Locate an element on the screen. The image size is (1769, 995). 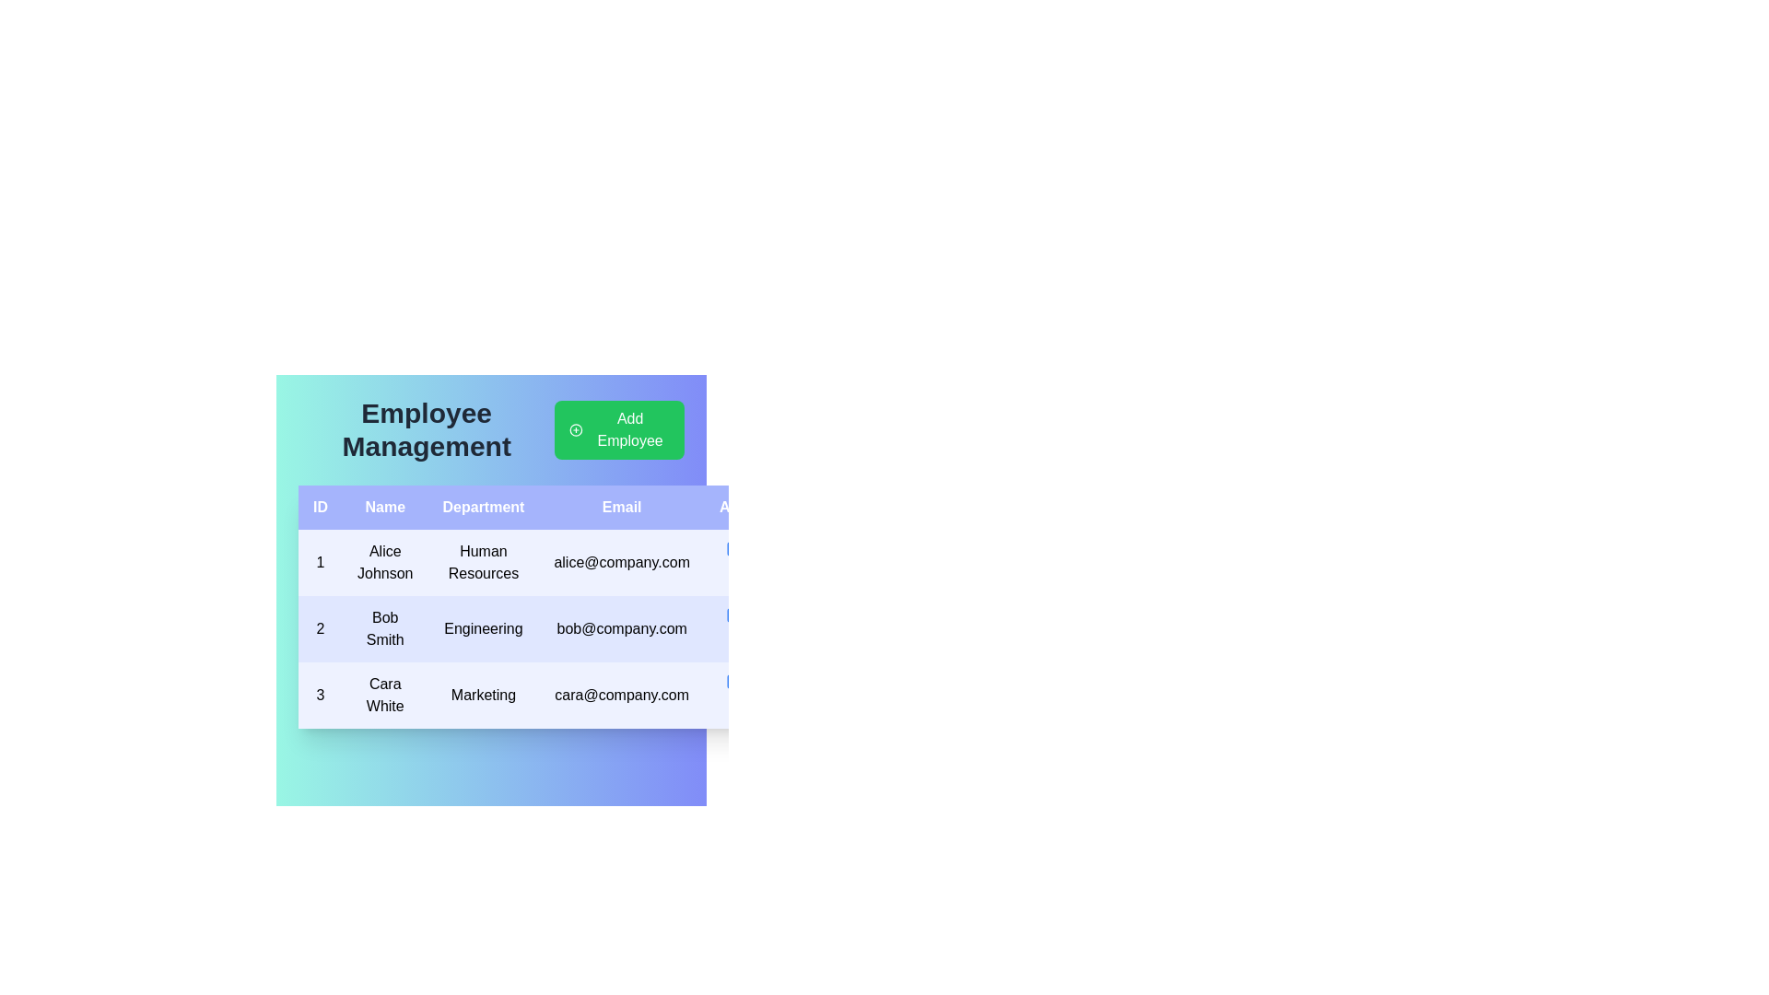
text displayed in the Text Display Field that shows the name 'Cara White', which is located in the second column of the employee details table in the third row is located at coordinates (384, 696).